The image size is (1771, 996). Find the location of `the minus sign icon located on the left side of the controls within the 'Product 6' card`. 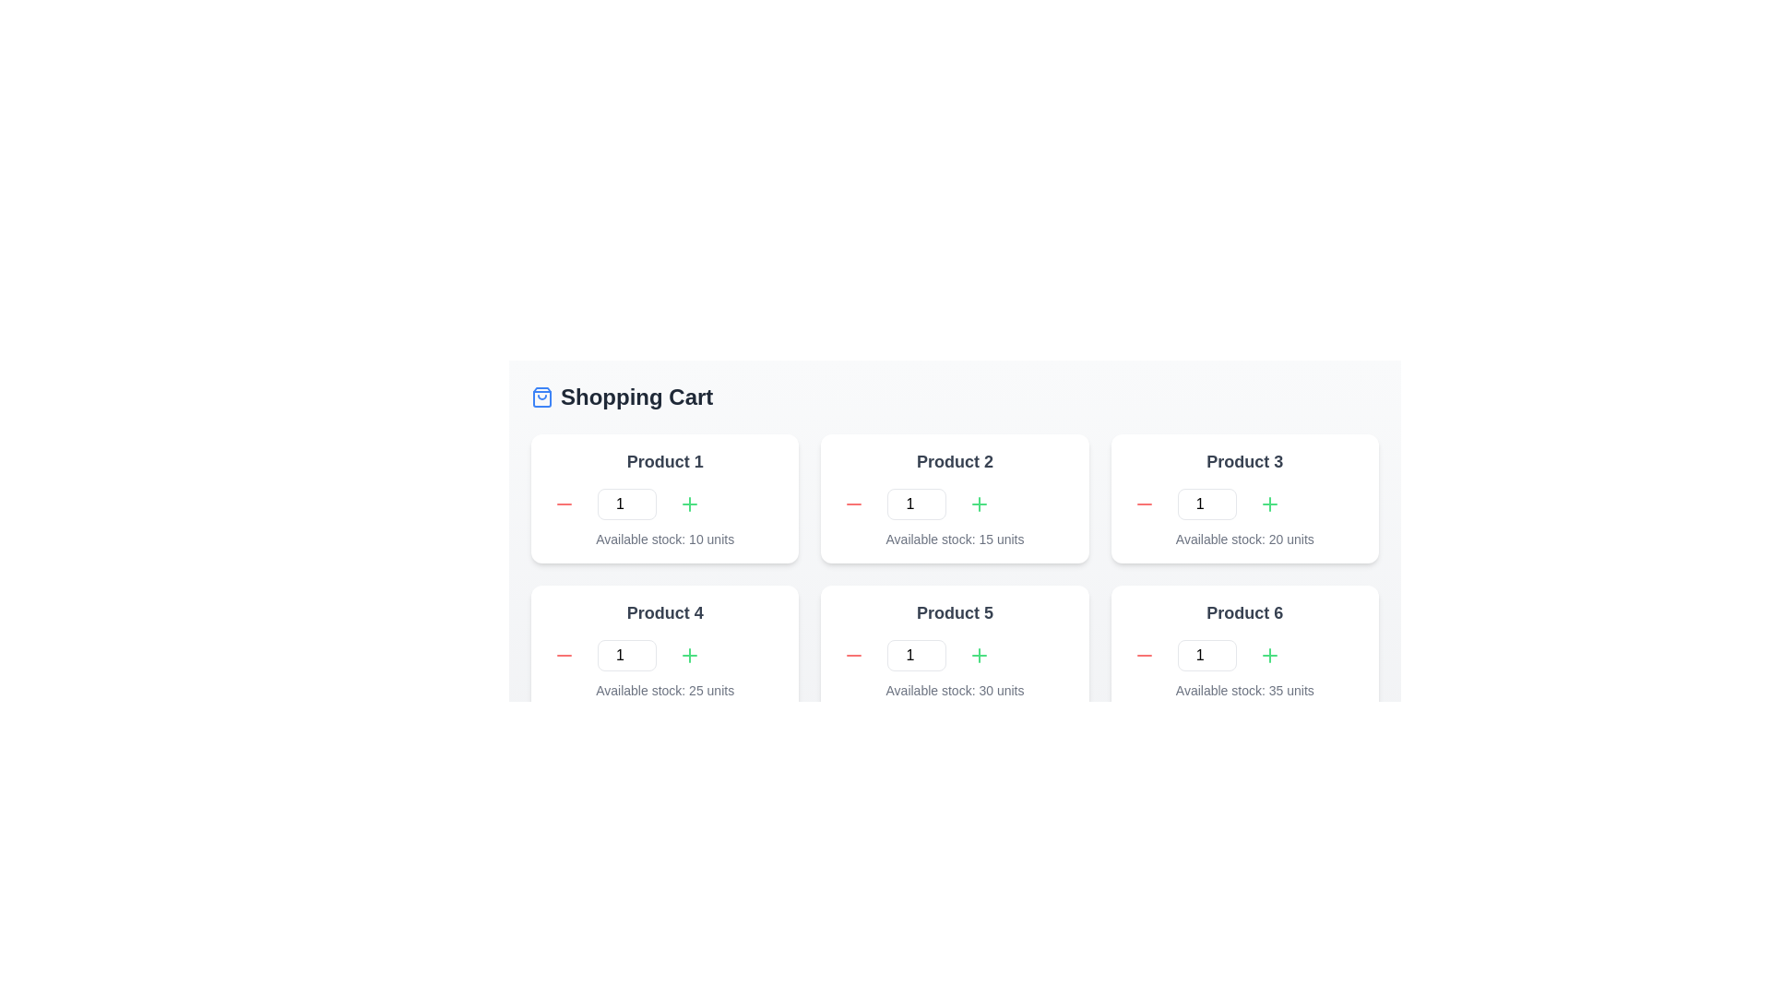

the minus sign icon located on the left side of the controls within the 'Product 6' card is located at coordinates (1143, 654).